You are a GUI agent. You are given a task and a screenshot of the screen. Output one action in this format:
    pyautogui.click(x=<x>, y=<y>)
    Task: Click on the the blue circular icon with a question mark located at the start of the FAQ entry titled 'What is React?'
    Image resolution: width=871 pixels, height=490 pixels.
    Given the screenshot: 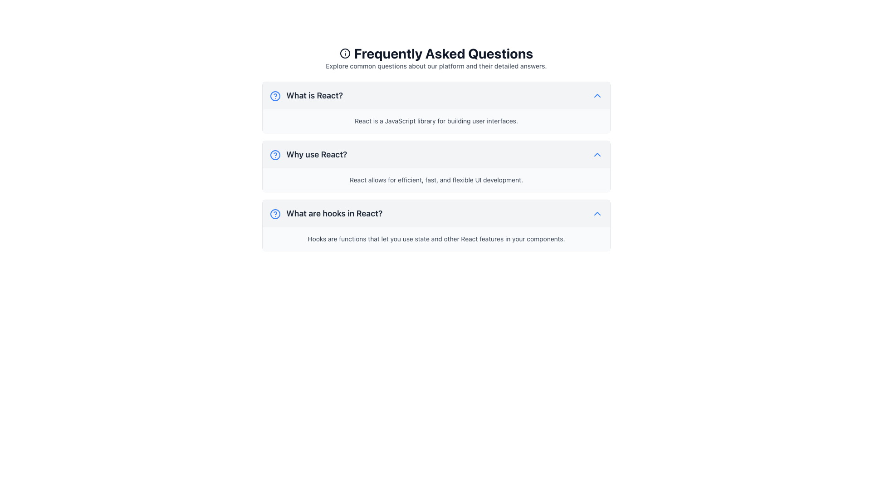 What is the action you would take?
    pyautogui.click(x=274, y=96)
    